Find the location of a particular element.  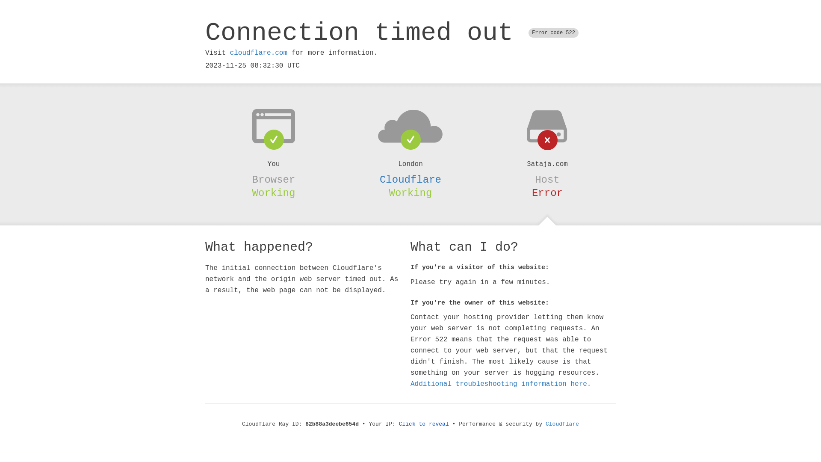

'Additional troubleshooting information here.' is located at coordinates (501, 384).